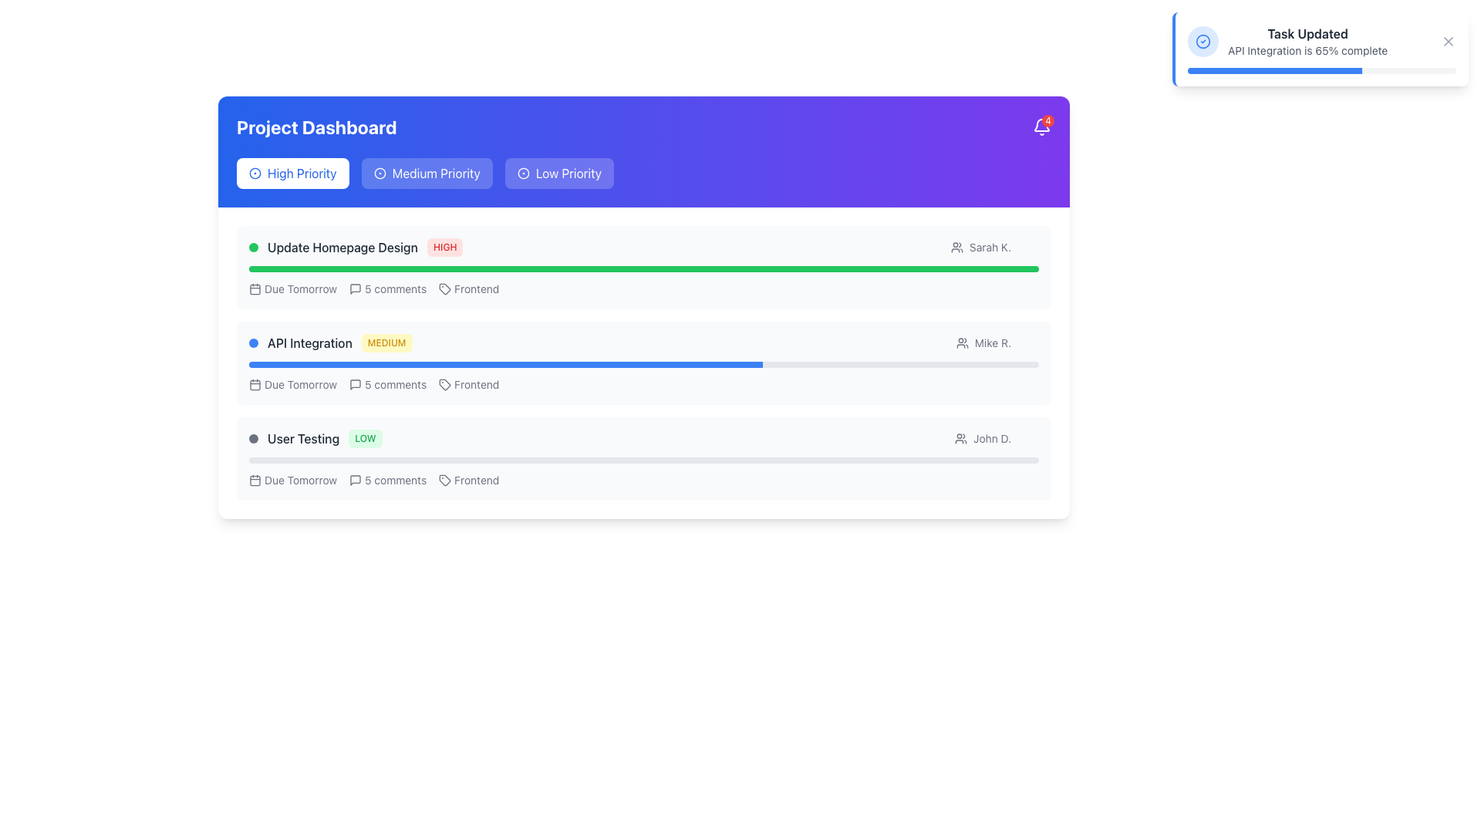  I want to click on the tag-like SVG graphic element located in the top area of the user interface adjacent to the 'Project Dashboard' section, so click(444, 288).